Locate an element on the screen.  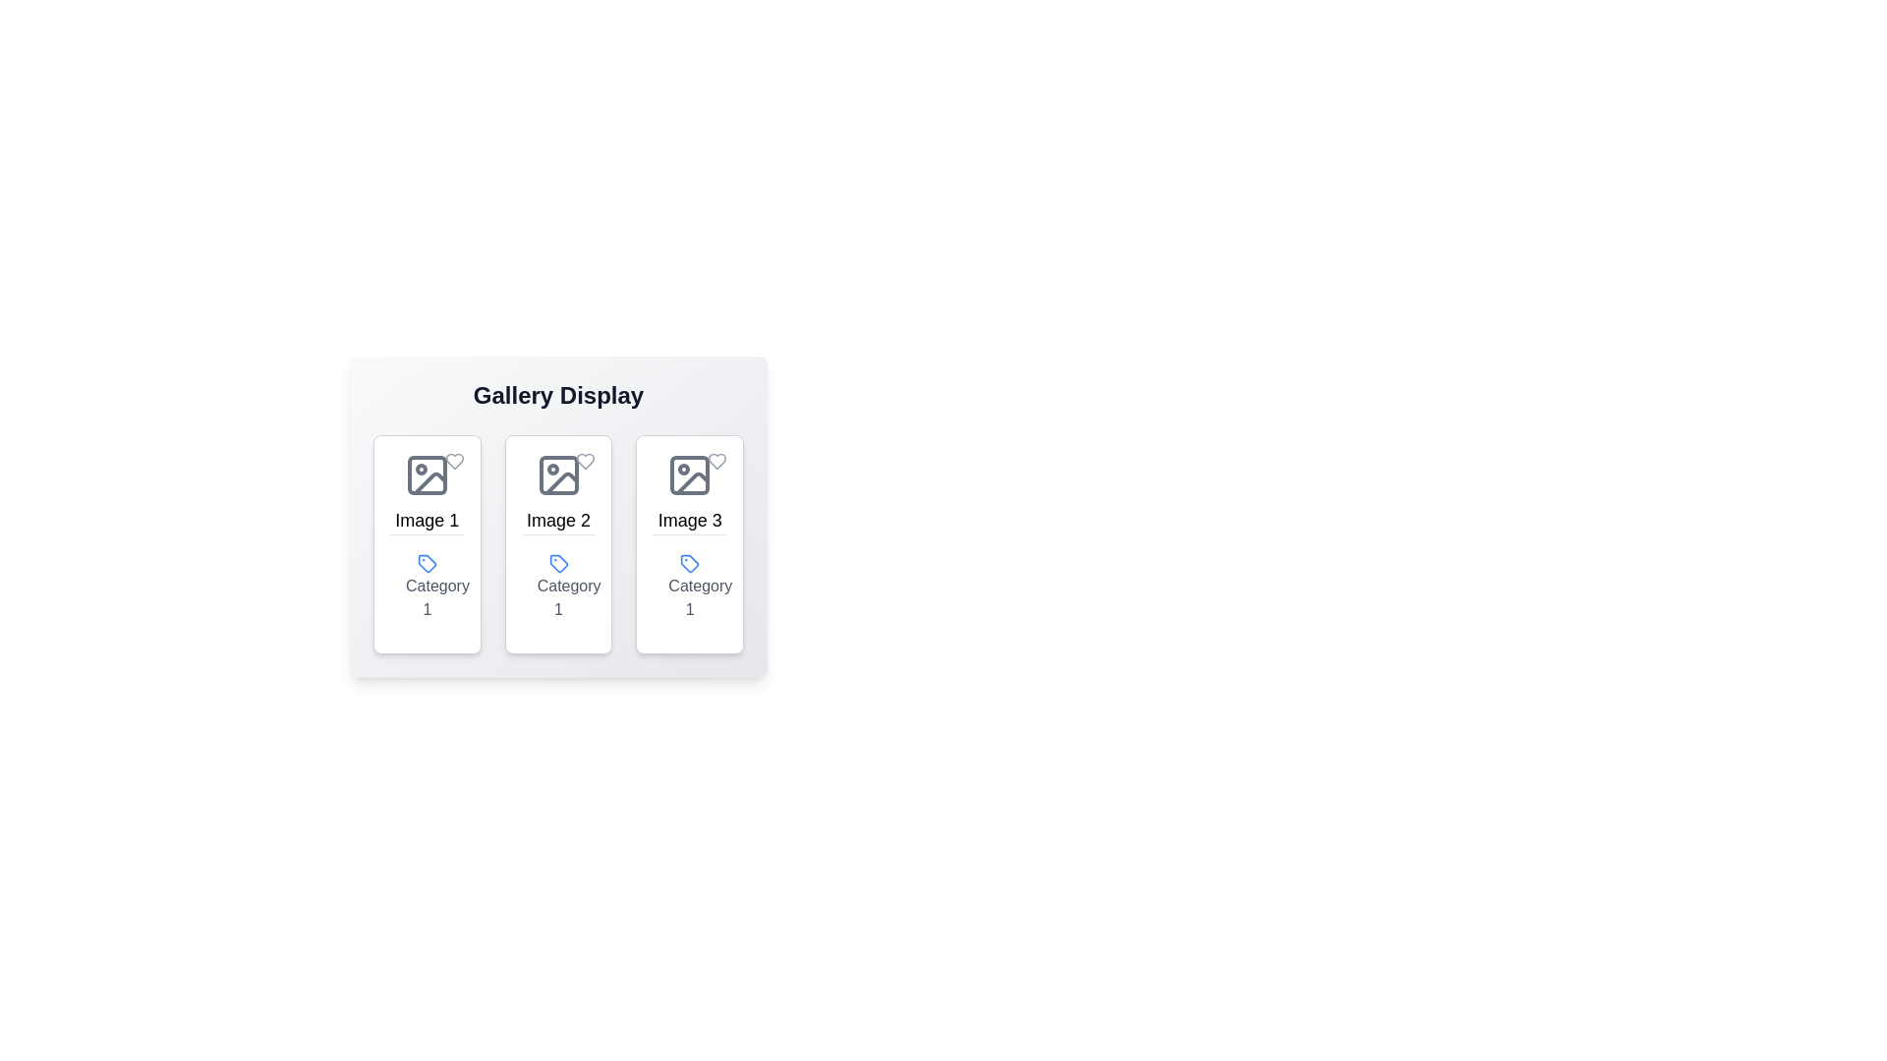
the heart icon in the top-right corner of the card labeled 'Image 2' is located at coordinates (585, 462).